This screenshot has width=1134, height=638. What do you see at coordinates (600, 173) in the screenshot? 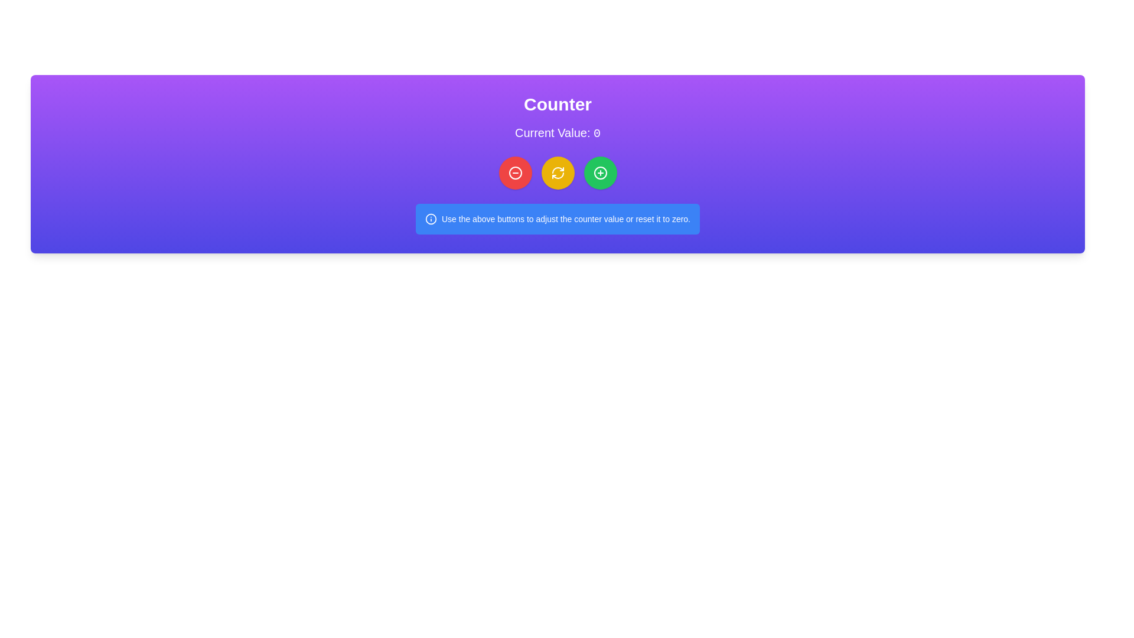
I see `the rightmost button in the set of three buttons to increment the counter value displayed on the interface` at bounding box center [600, 173].